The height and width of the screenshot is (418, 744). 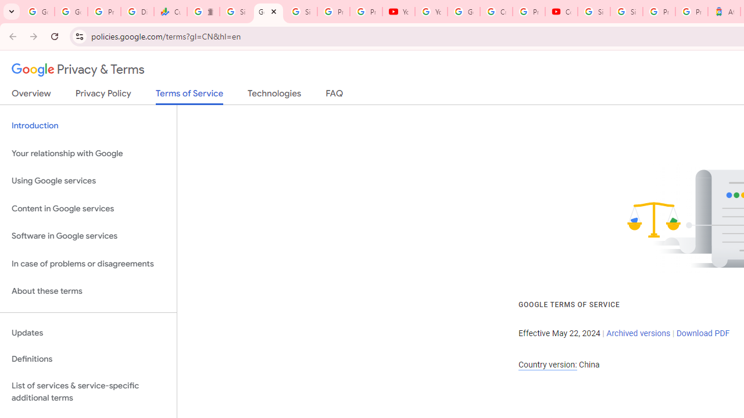 What do you see at coordinates (88, 126) in the screenshot?
I see `'Introduction'` at bounding box center [88, 126].